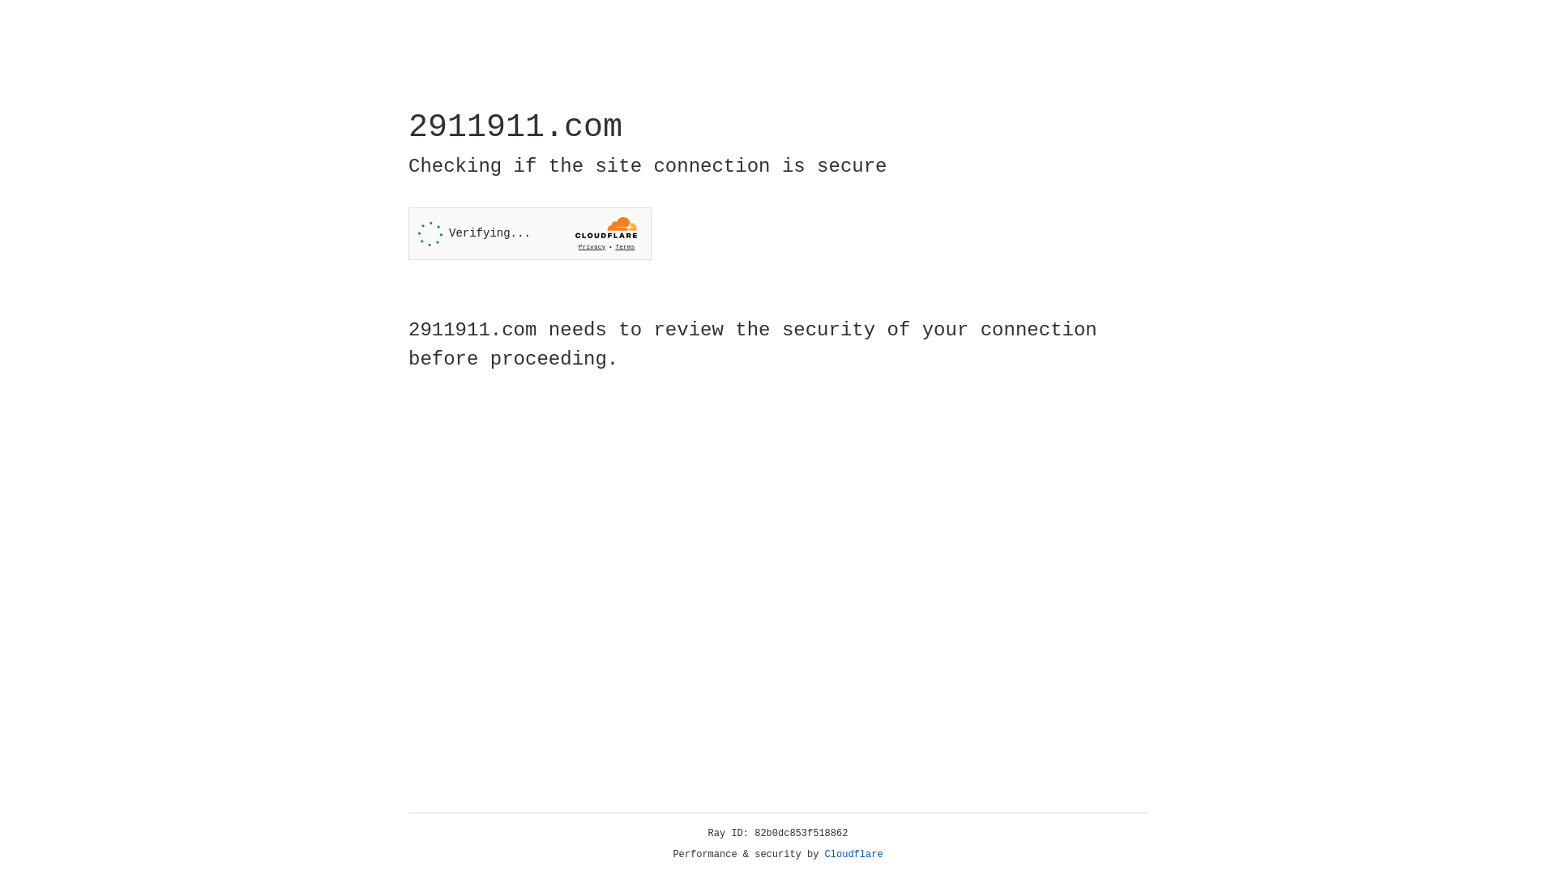 The width and height of the screenshot is (1556, 875). I want to click on 'Widget containing a Cloudflare security challenge', so click(529, 233).